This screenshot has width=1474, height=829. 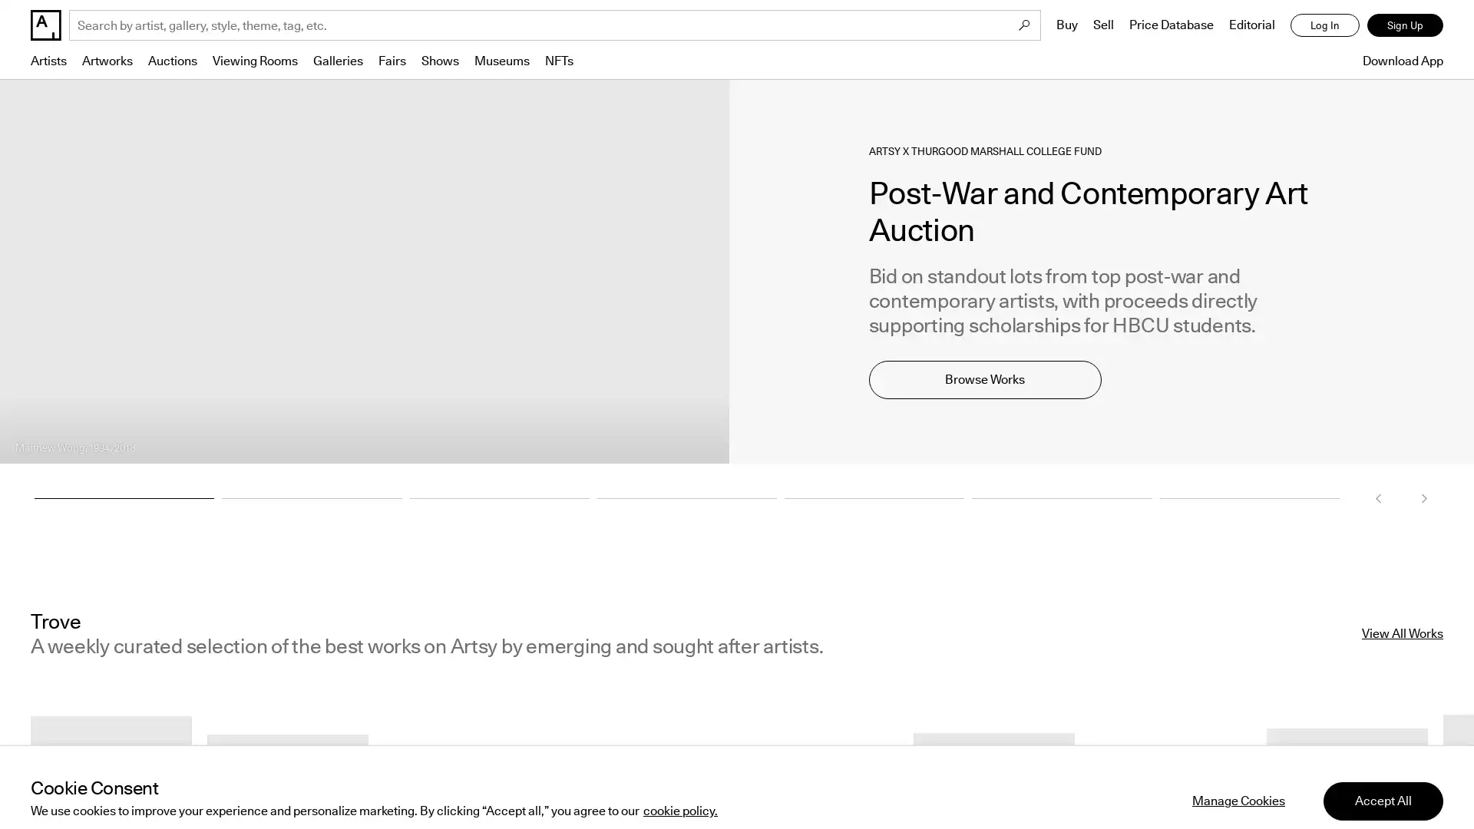 What do you see at coordinates (1024, 25) in the screenshot?
I see `Search` at bounding box center [1024, 25].